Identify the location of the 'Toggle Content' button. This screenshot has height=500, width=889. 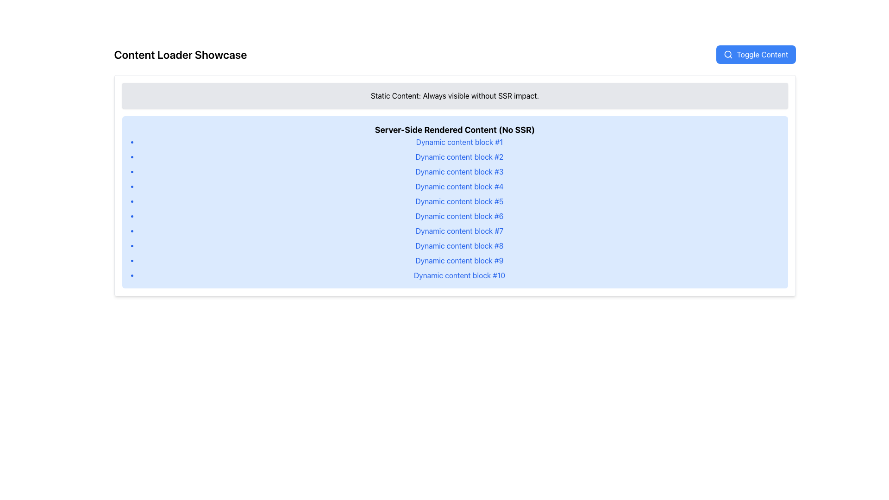
(762, 55).